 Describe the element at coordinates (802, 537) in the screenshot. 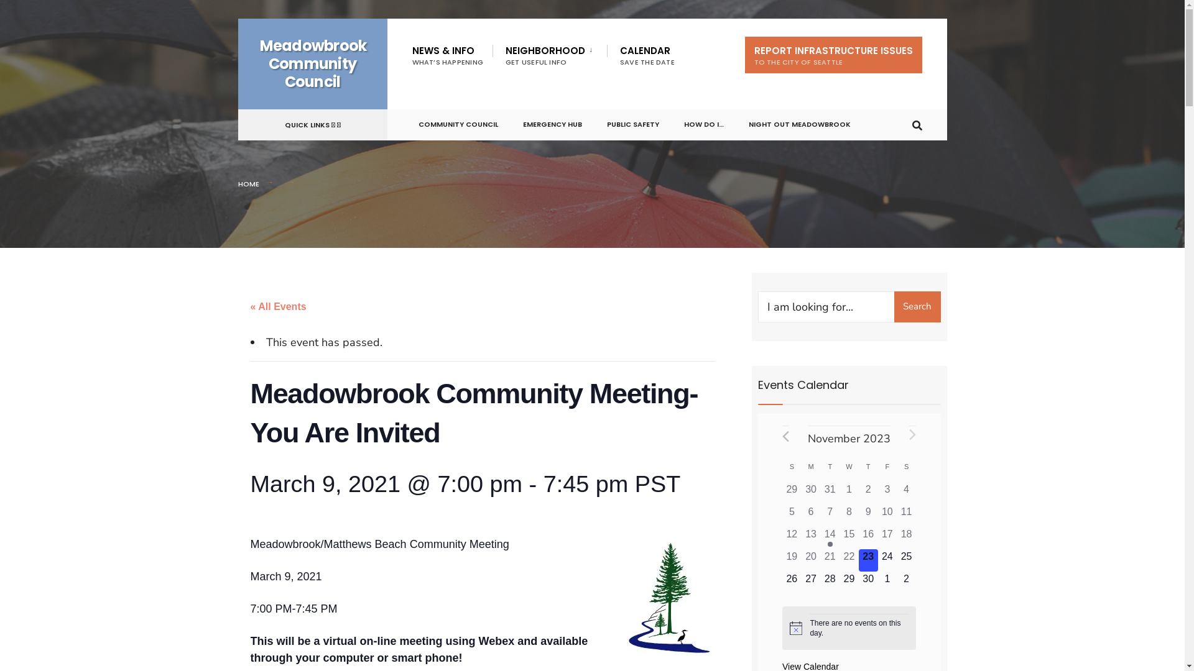

I see `'0 events,` at that location.